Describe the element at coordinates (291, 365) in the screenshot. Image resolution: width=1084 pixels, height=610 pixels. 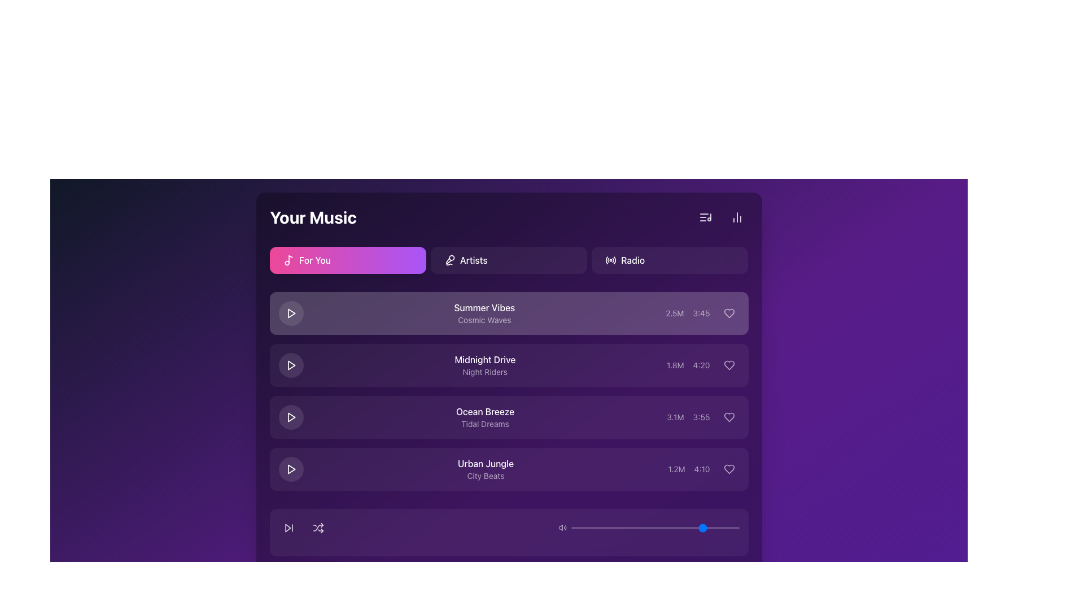
I see `the triangular play button icon for the 'Midnight Drive' song, which is outlined in white on a dark purple background, to play the associated song` at that location.